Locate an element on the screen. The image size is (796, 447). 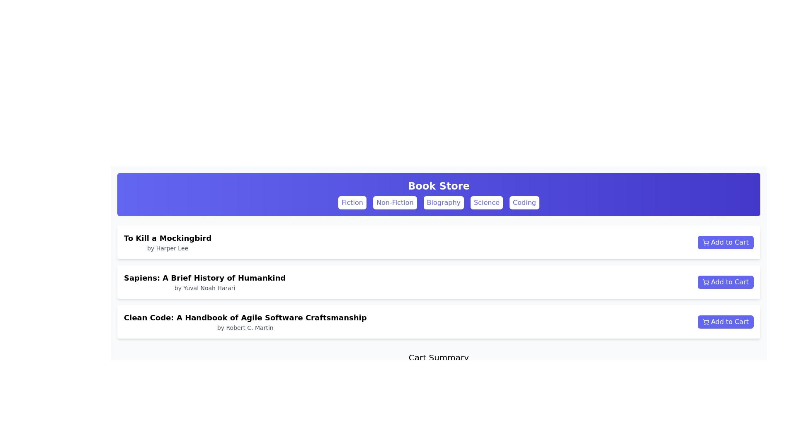
the text element displaying 'by Yuval Noah Harari', which is styled in gray and located beneath the title of the book 'Sapiens: A Brief History of Humankind' is located at coordinates (205, 287).